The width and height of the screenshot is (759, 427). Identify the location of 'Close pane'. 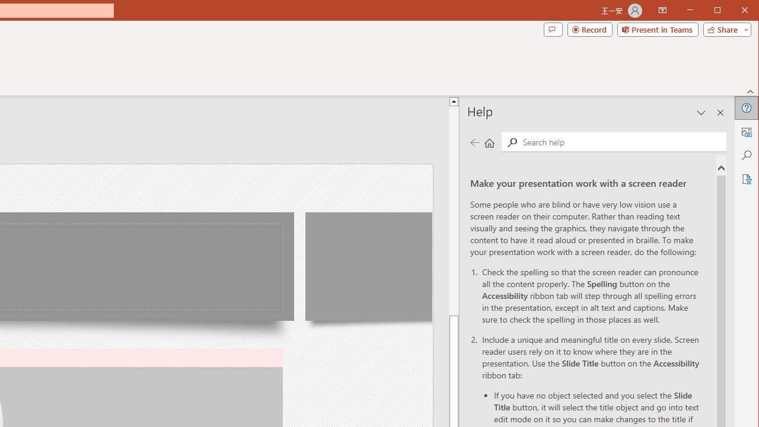
(720, 113).